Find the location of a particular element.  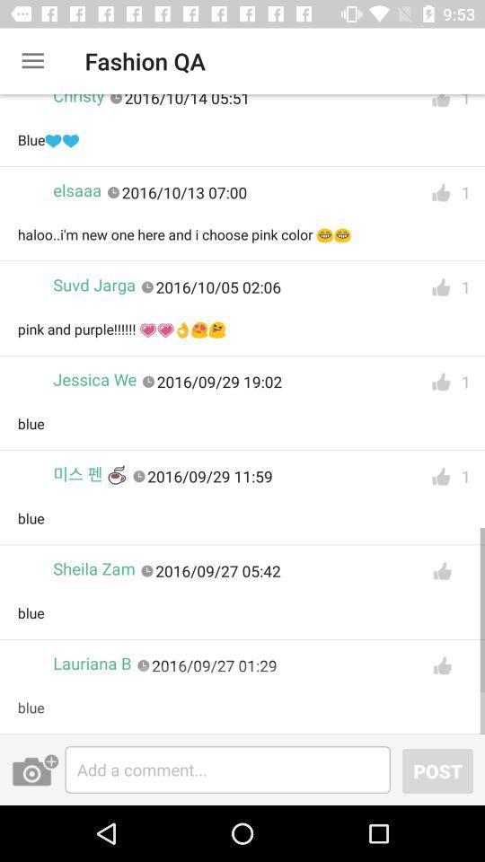

item below blue item is located at coordinates (436, 770).